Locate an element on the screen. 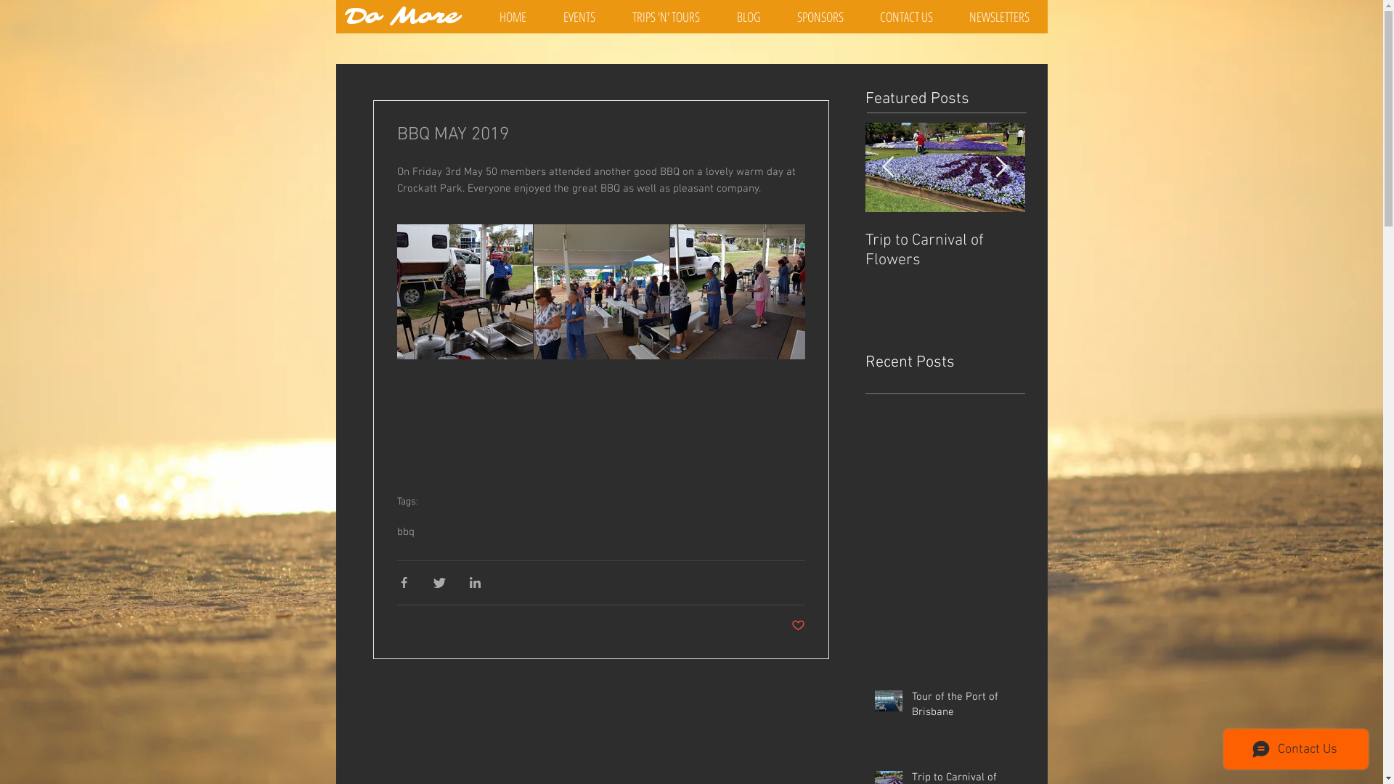 This screenshot has width=1394, height=784. 'SPONSORS' is located at coordinates (819, 17).